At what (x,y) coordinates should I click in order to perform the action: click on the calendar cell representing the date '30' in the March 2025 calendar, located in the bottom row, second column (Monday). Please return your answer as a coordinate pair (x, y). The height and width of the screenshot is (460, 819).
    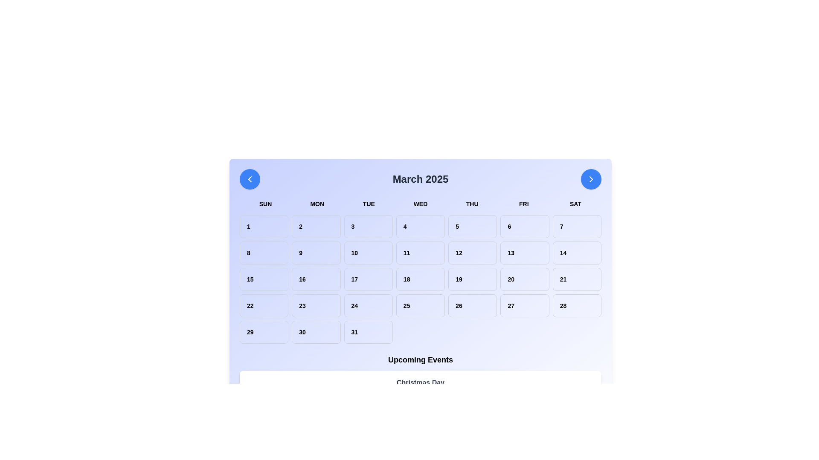
    Looking at the image, I should click on (316, 331).